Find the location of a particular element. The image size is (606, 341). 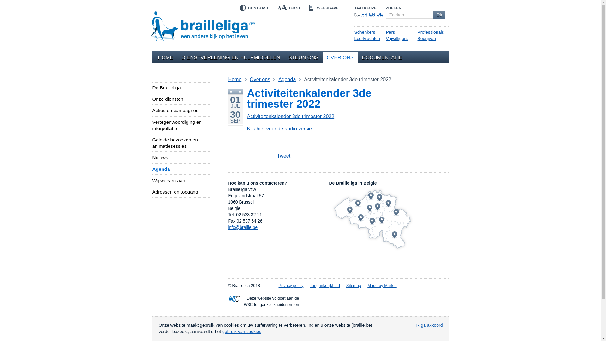

'TEKST' is located at coordinates (288, 8).